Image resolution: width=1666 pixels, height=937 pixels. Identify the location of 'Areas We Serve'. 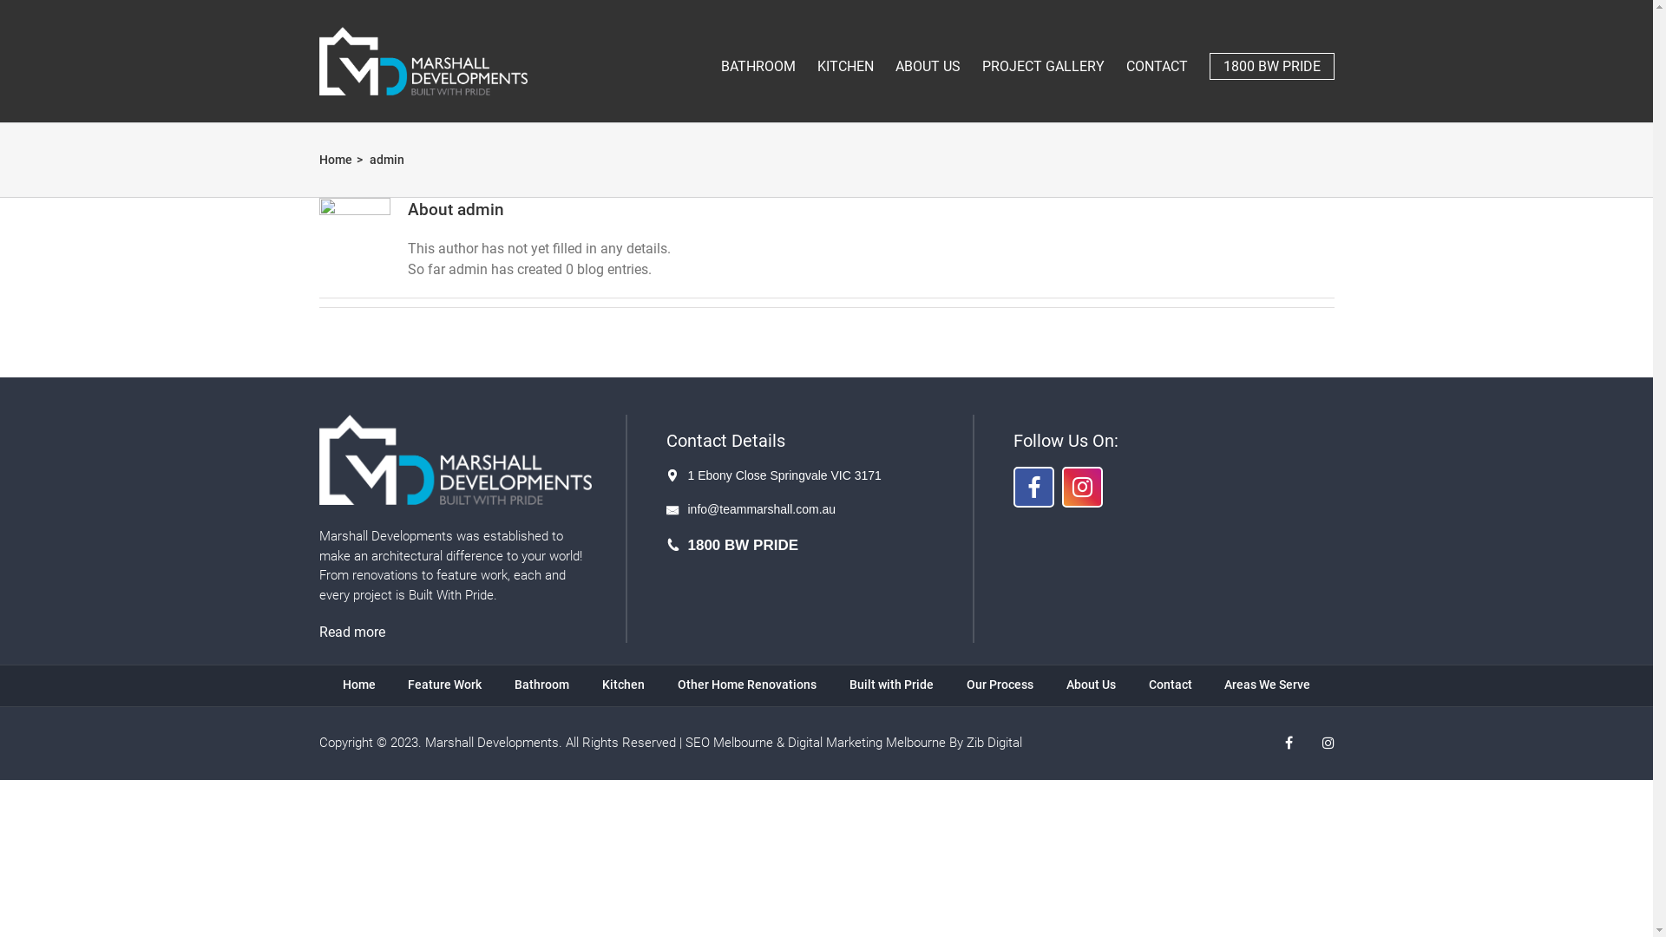
(1267, 684).